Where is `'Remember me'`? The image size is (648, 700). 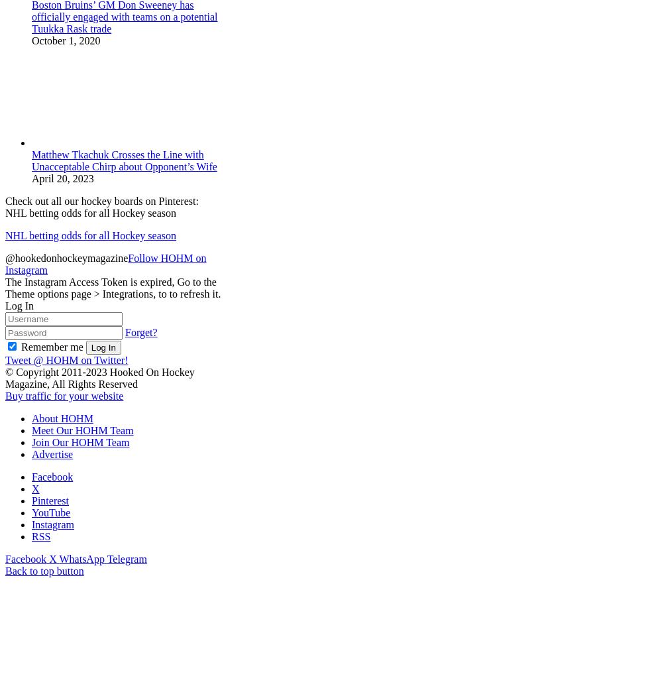
'Remember me' is located at coordinates (52, 345).